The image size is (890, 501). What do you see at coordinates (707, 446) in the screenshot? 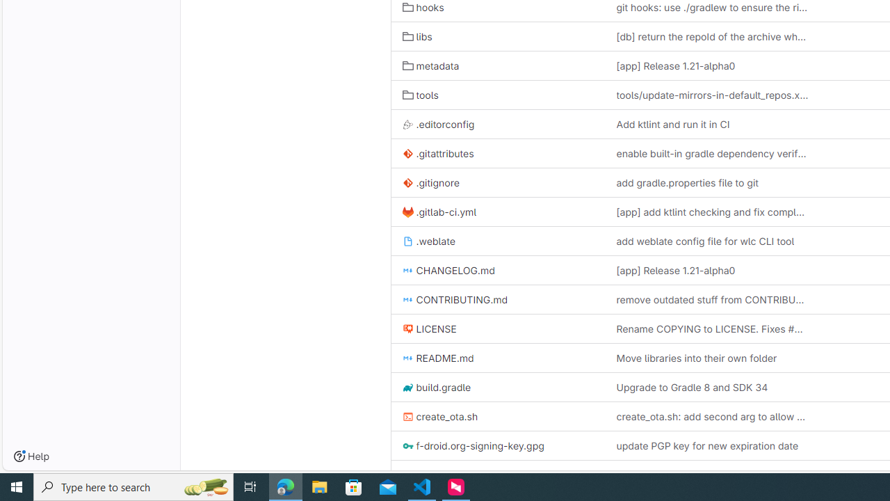
I see `'update PGP key for new expiration date'` at bounding box center [707, 446].